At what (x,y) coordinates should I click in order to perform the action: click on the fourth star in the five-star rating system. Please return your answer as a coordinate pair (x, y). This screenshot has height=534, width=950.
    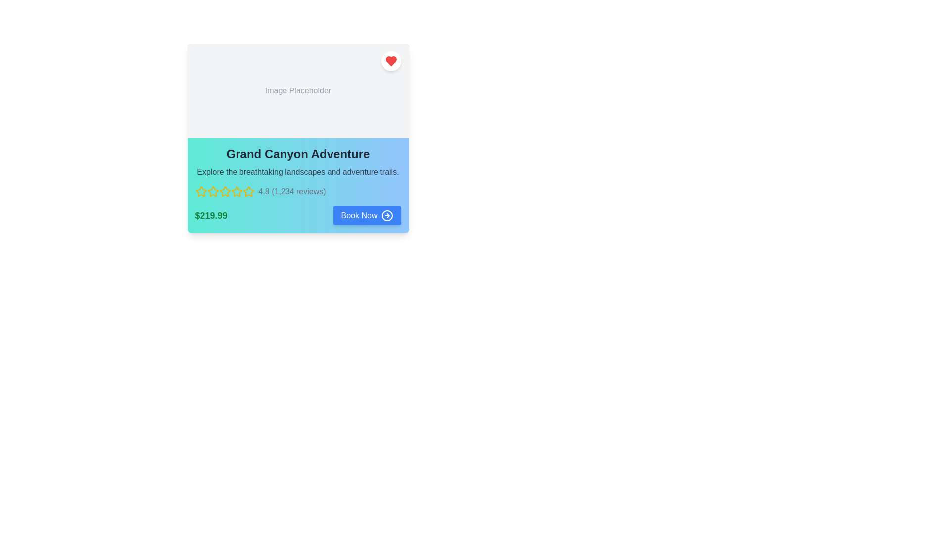
    Looking at the image, I should click on (224, 192).